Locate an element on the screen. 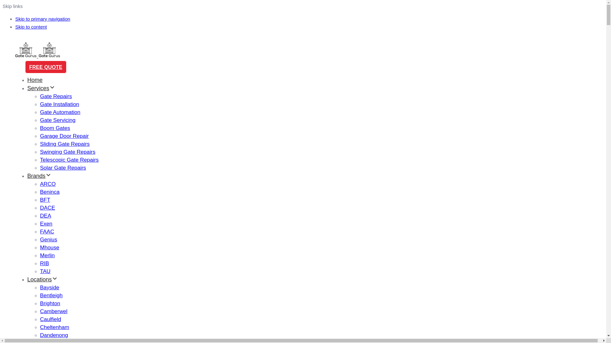 This screenshot has height=343, width=611. 'Services' is located at coordinates (41, 88).